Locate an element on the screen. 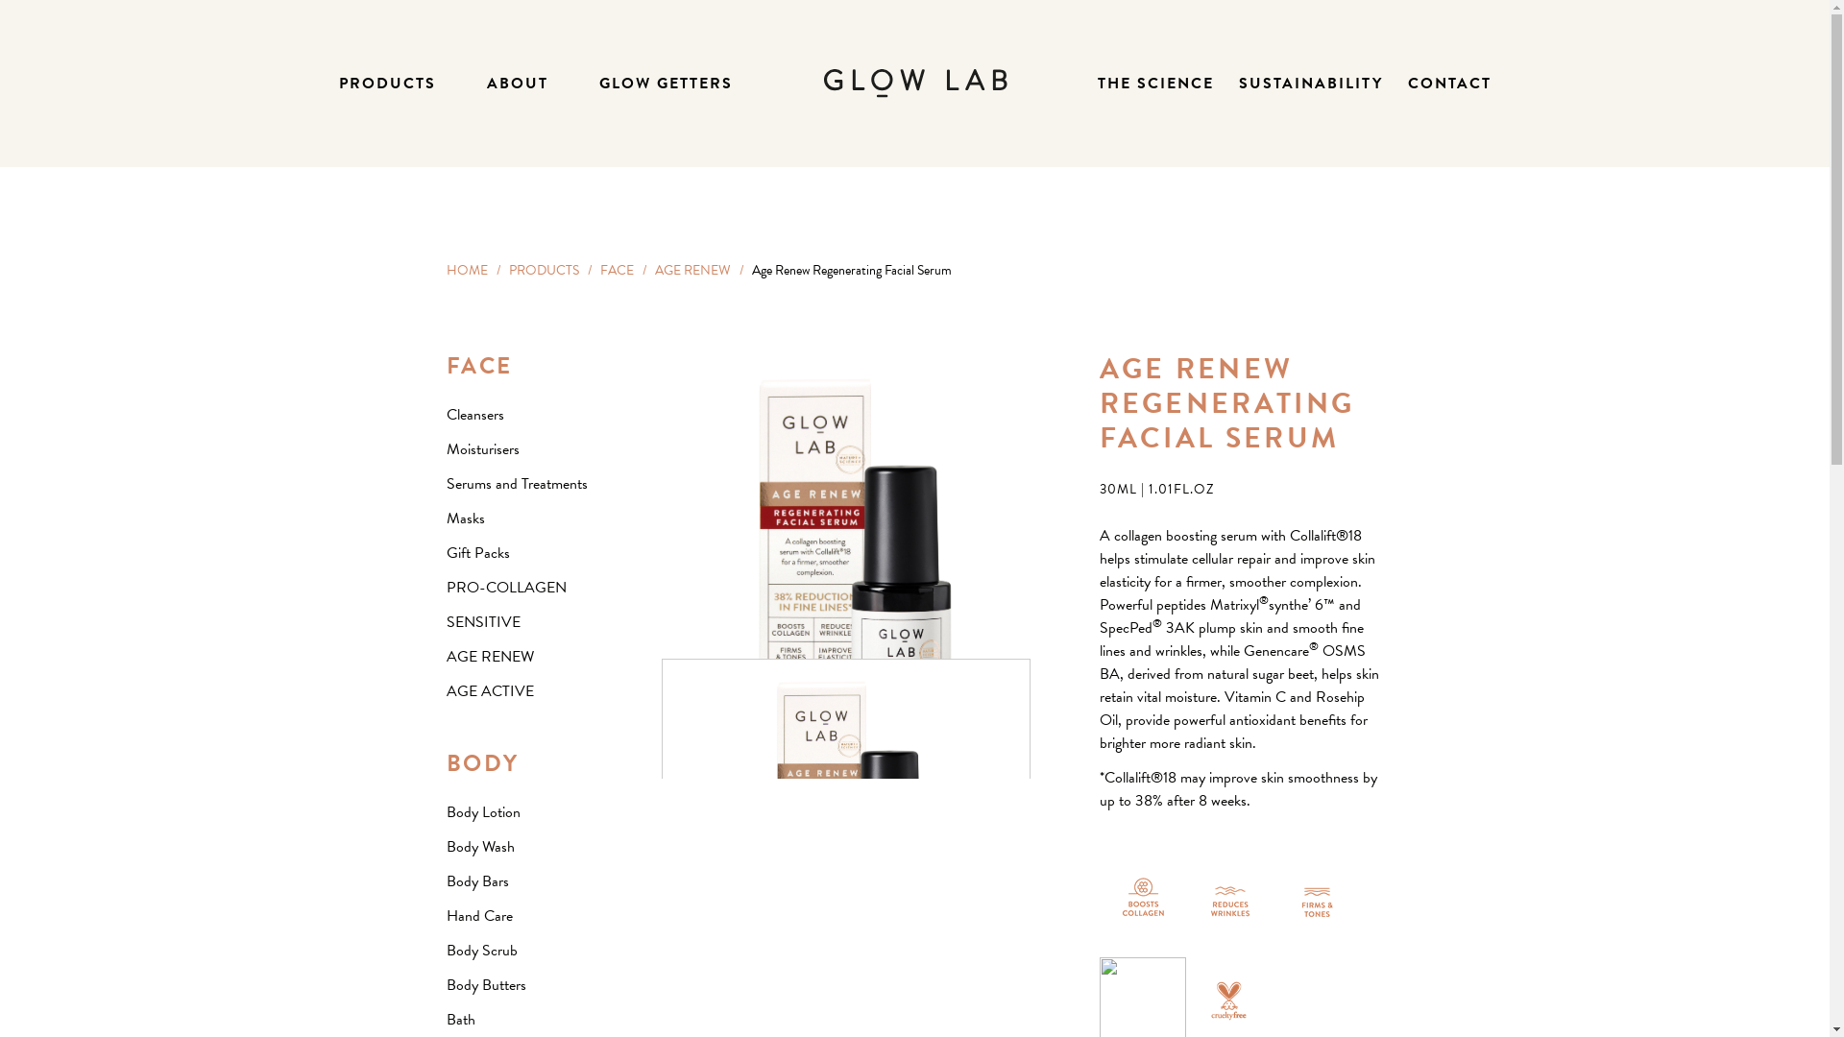  'AGE ACTIVE' is located at coordinates (489, 691).